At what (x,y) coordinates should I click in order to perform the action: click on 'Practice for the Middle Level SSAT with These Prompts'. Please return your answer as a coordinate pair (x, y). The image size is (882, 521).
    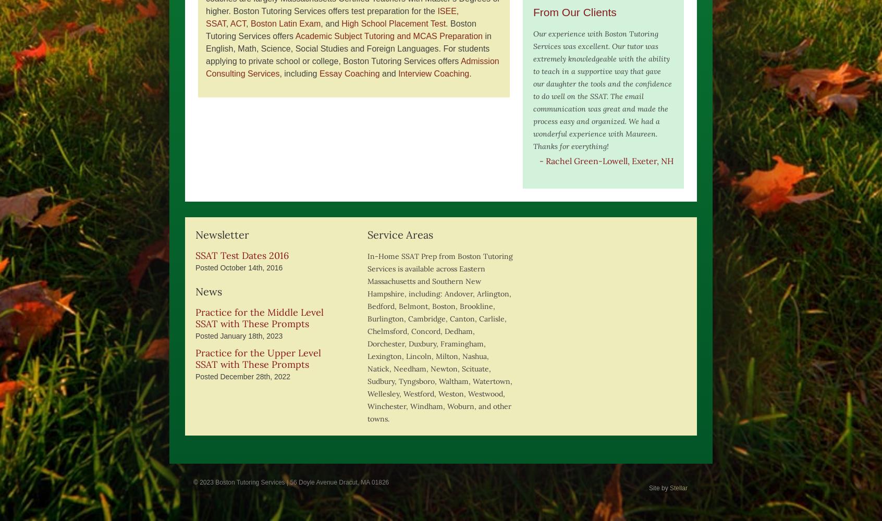
    Looking at the image, I should click on (259, 317).